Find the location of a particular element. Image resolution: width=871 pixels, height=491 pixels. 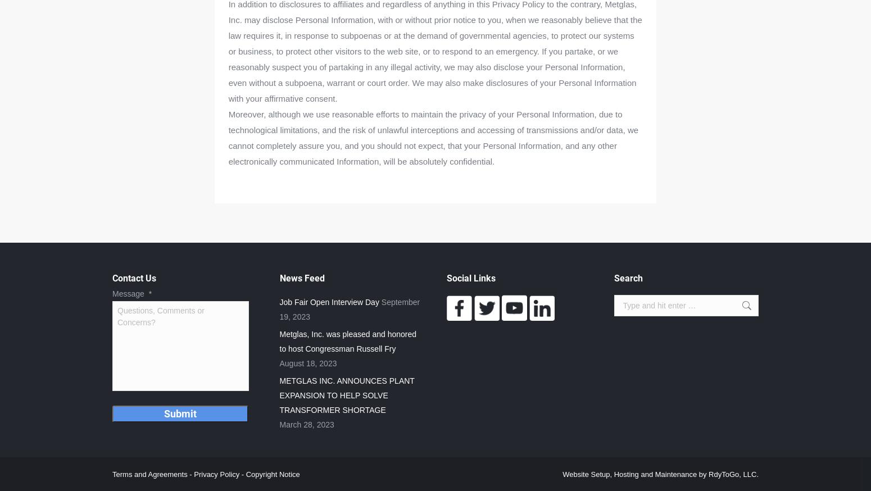

'Contact Us' is located at coordinates (134, 278).